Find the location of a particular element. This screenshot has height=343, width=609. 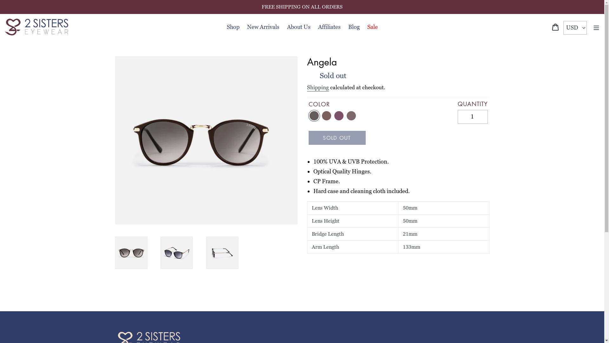

'Tortoise with Gradient Brown Lens' is located at coordinates (326, 116).